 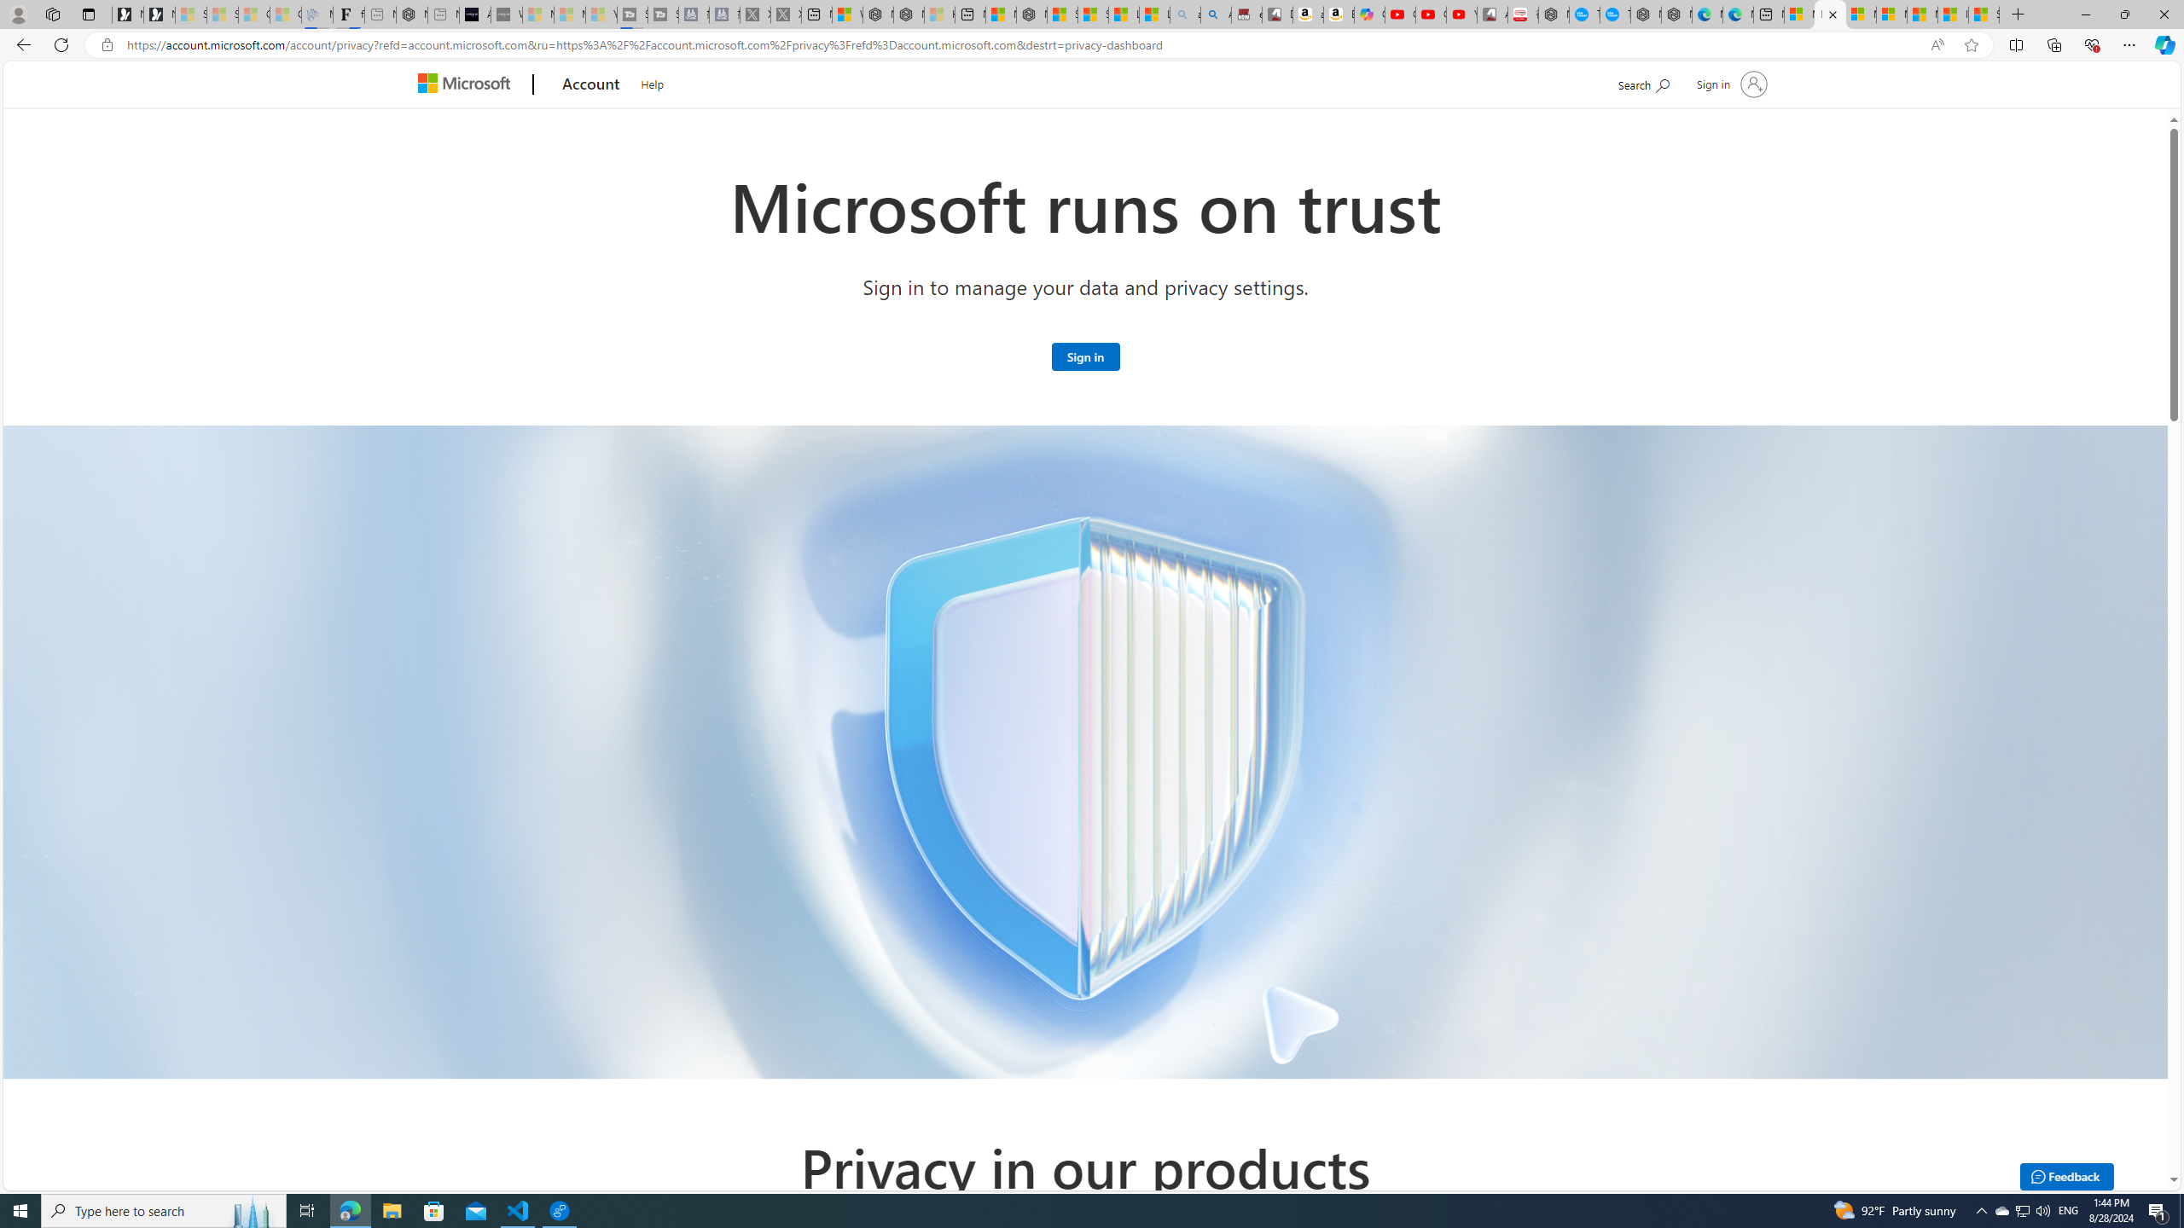 I want to click on 'Nordace - #1 Japanese Best-Seller - Siena Smart Backpack', so click(x=410, y=14).